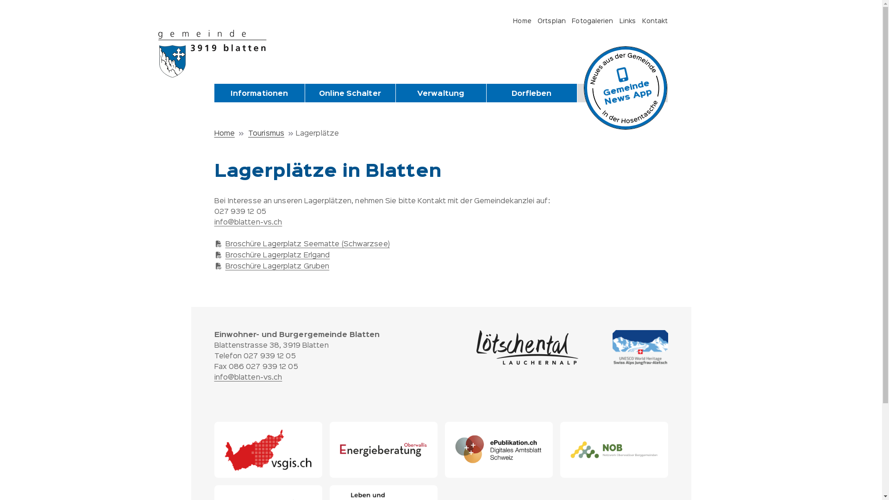 This screenshot has width=889, height=500. Describe the element at coordinates (655, 21) in the screenshot. I see `'Kontakt'` at that location.